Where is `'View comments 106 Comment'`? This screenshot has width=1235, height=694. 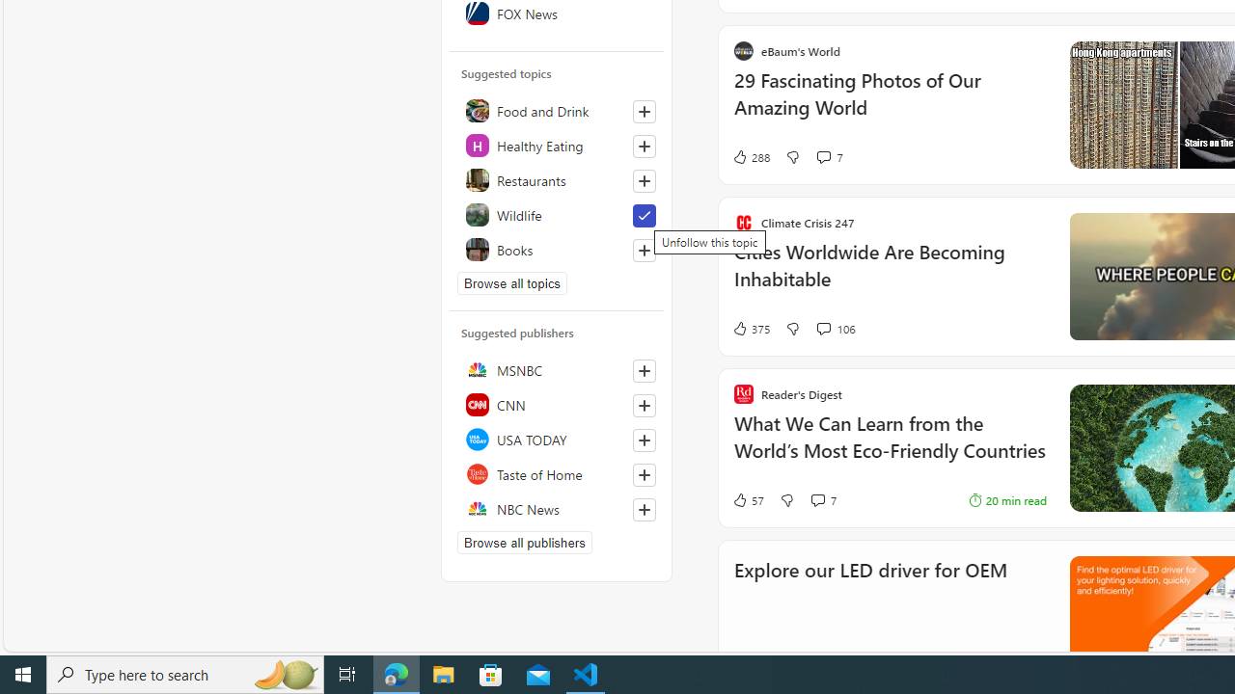
'View comments 106 Comment' is located at coordinates (835, 327).